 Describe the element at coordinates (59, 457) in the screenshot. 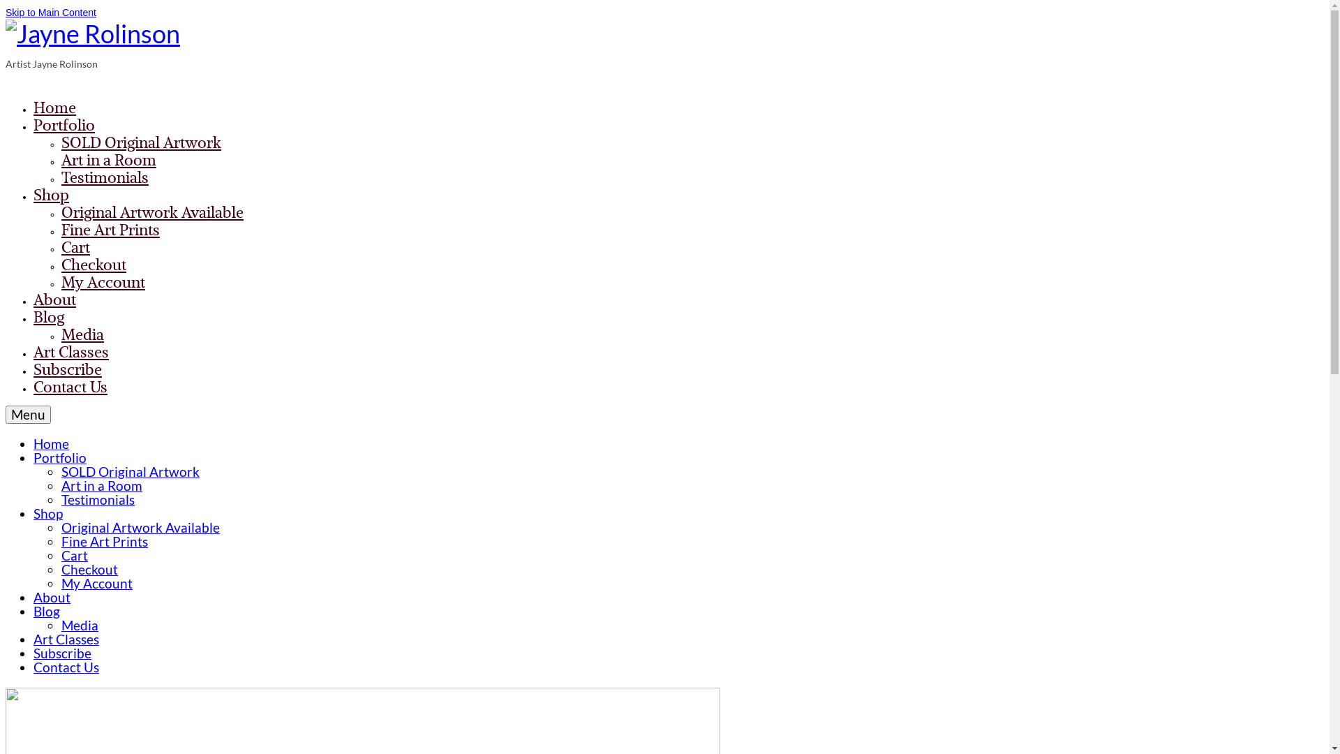

I see `'Portfolio'` at that location.